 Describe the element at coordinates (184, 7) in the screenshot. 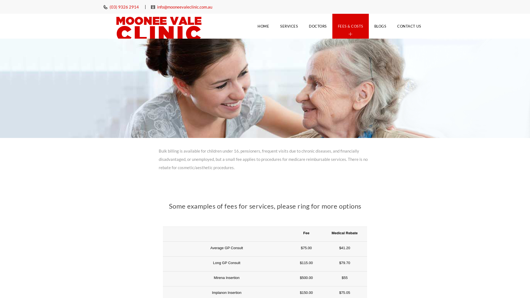

I see `'info@mooneevaleclinic.com.au'` at that location.